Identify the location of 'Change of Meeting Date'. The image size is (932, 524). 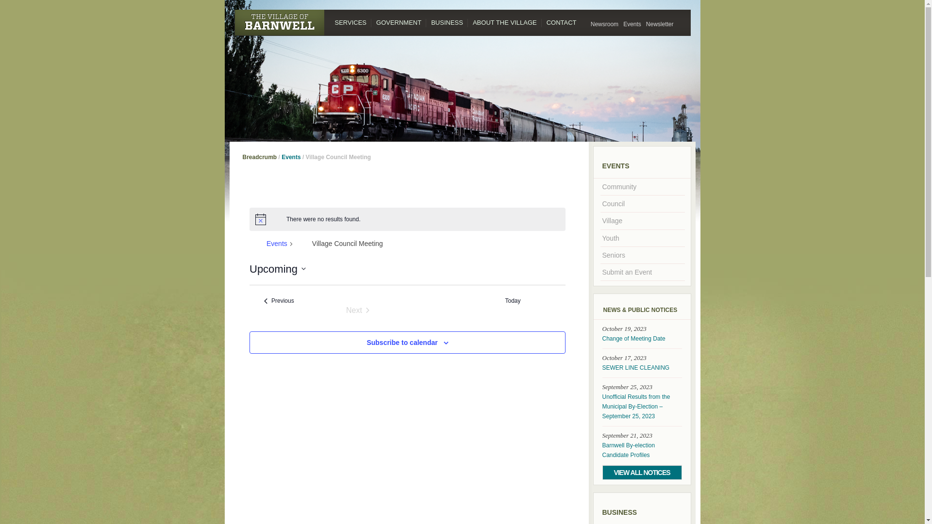
(641, 338).